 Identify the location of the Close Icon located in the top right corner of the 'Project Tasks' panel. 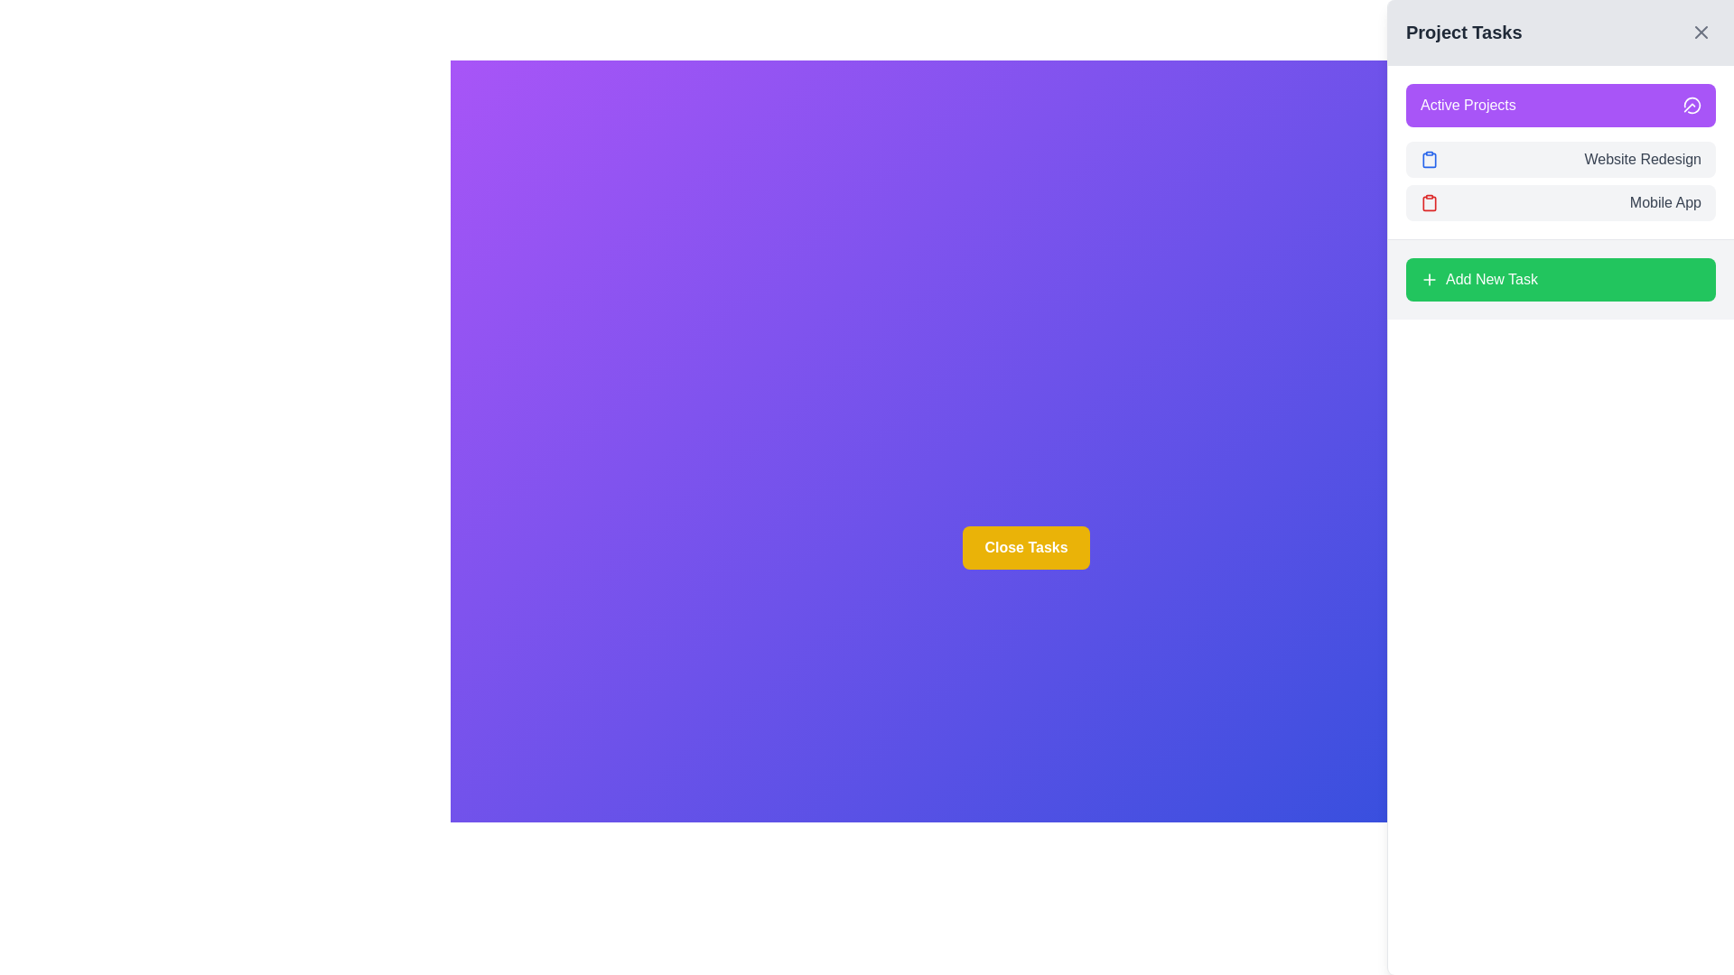
(1700, 32).